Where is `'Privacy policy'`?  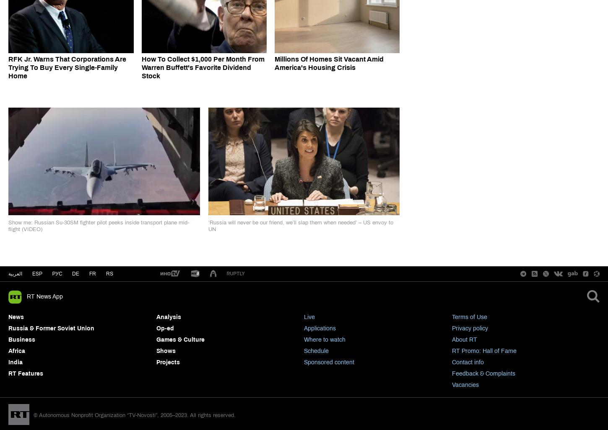 'Privacy policy' is located at coordinates (469, 328).